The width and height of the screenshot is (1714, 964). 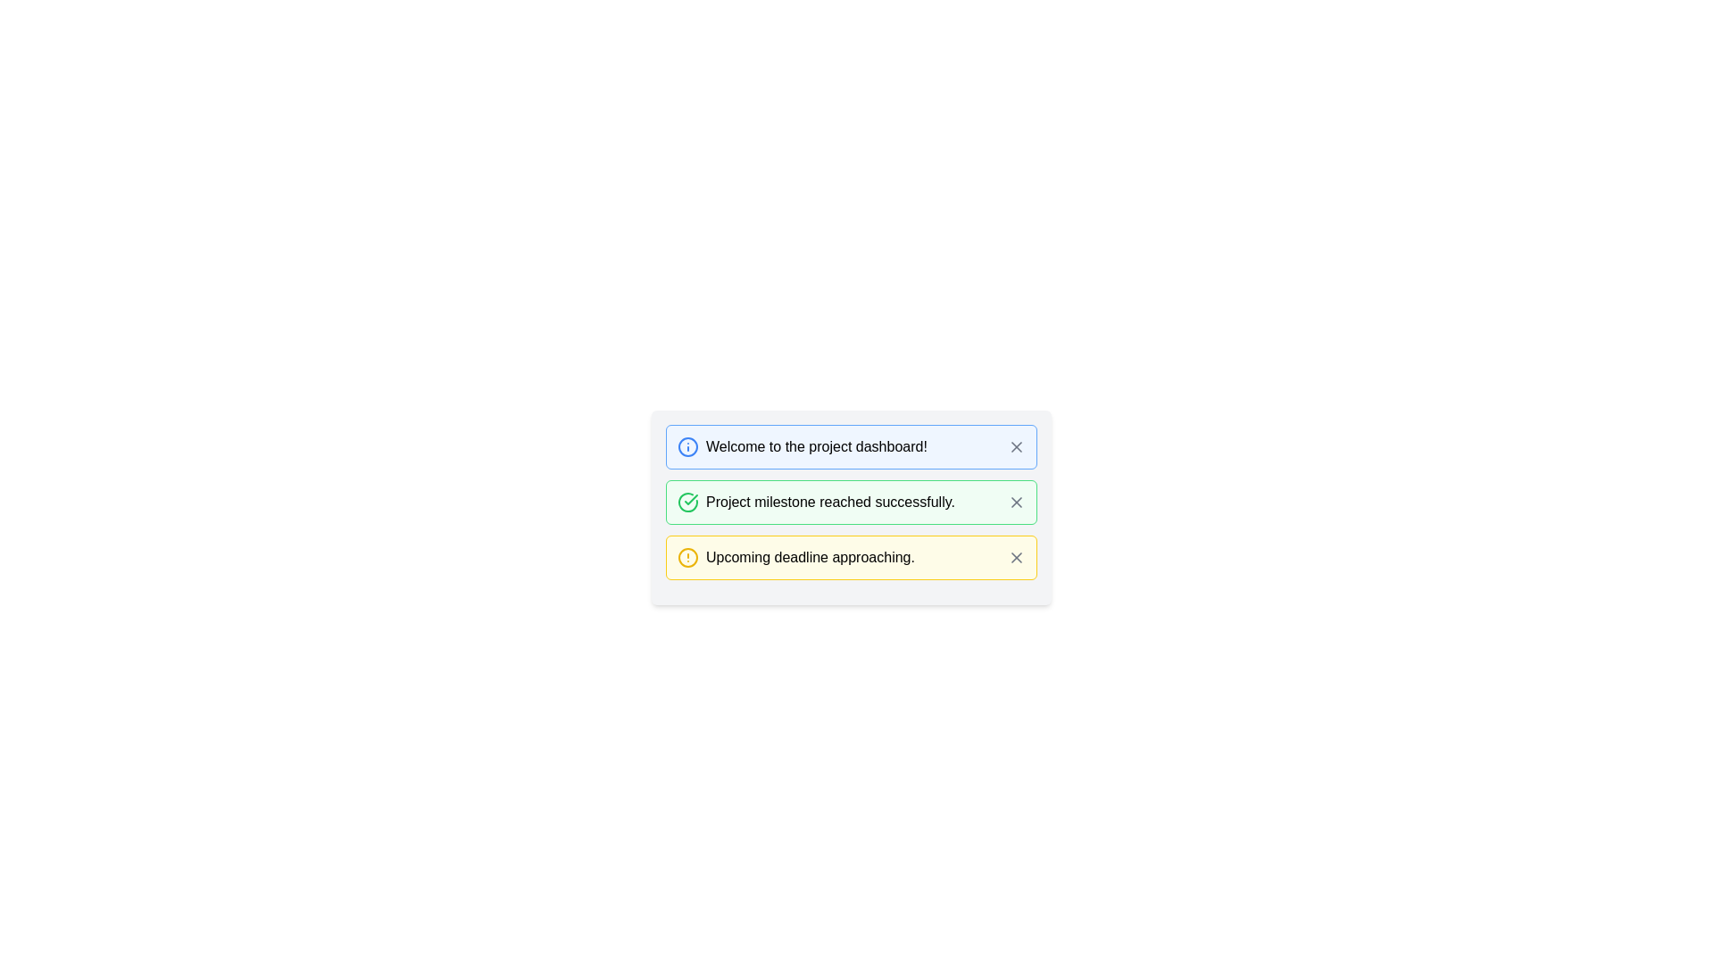 What do you see at coordinates (1016, 503) in the screenshot?
I see `the Close button icon, shaped like an 'X', located within the notification box to the right of the message 'Project milestone reached successfully'` at bounding box center [1016, 503].